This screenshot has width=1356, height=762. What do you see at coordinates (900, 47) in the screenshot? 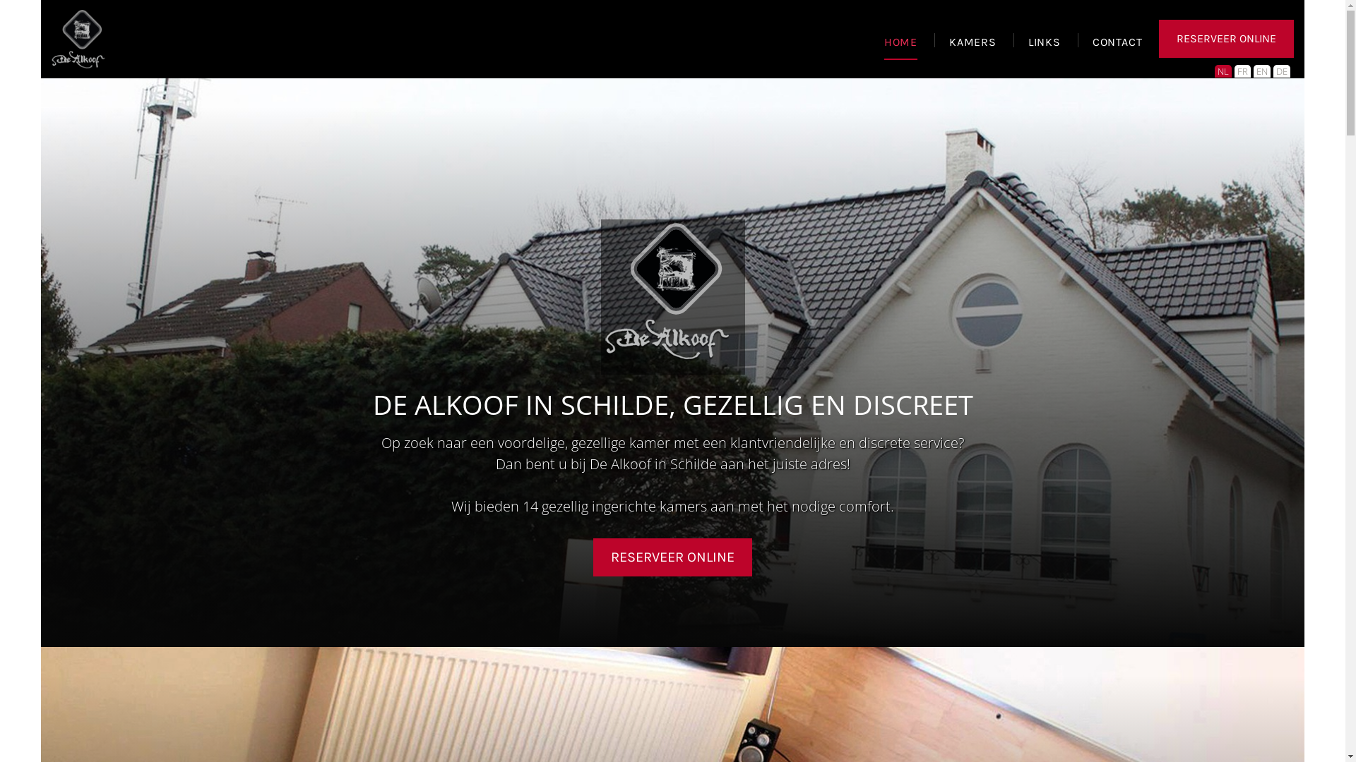
I see `'HOME'` at bounding box center [900, 47].